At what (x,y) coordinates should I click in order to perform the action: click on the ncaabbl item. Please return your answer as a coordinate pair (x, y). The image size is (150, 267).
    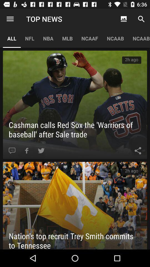
    Looking at the image, I should click on (139, 38).